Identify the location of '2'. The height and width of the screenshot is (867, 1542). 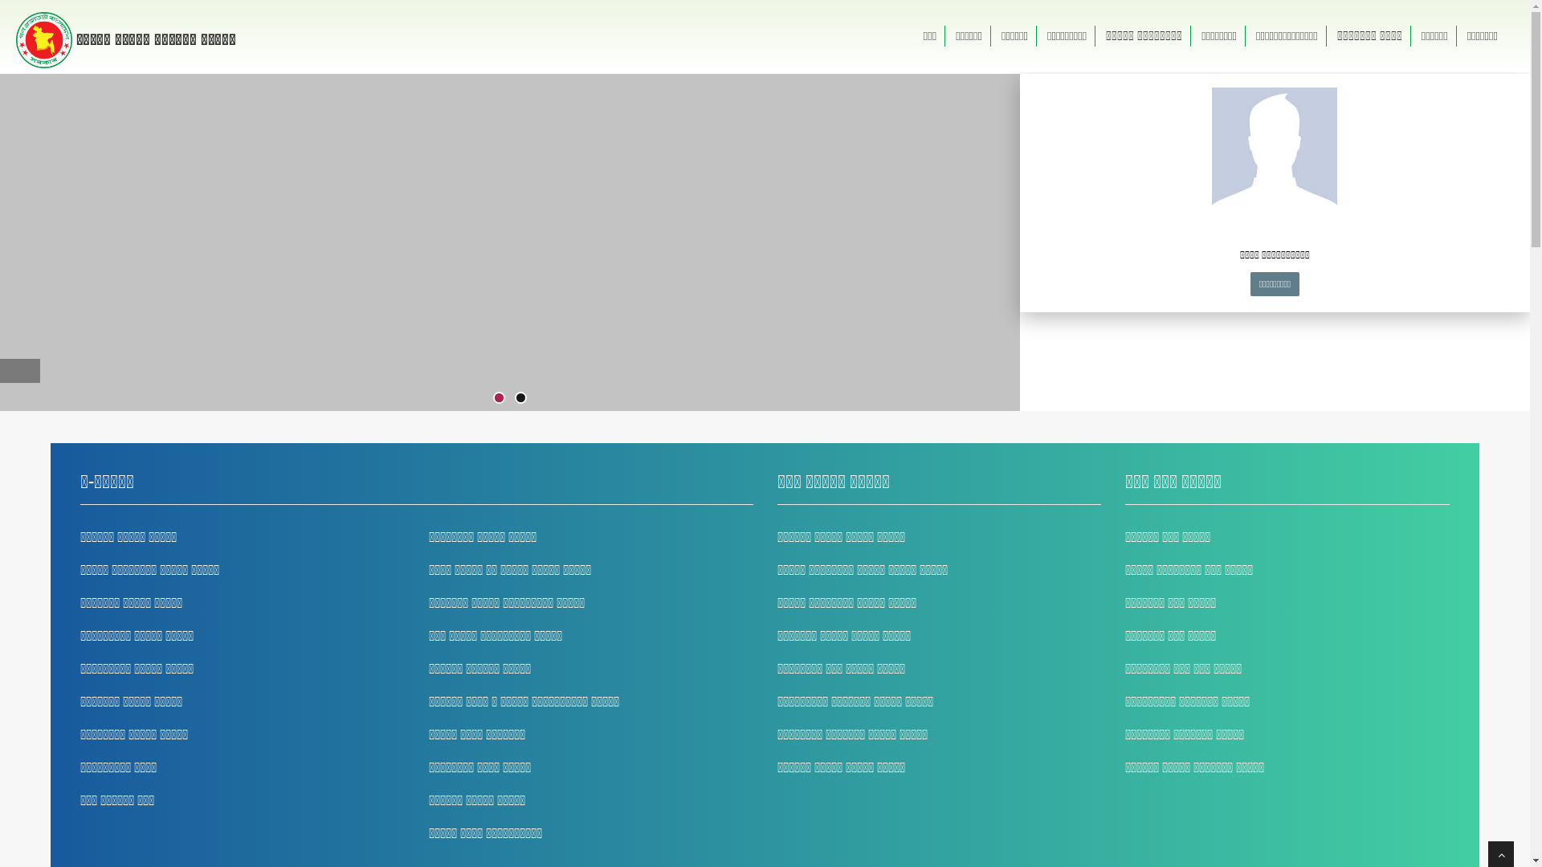
(520, 397).